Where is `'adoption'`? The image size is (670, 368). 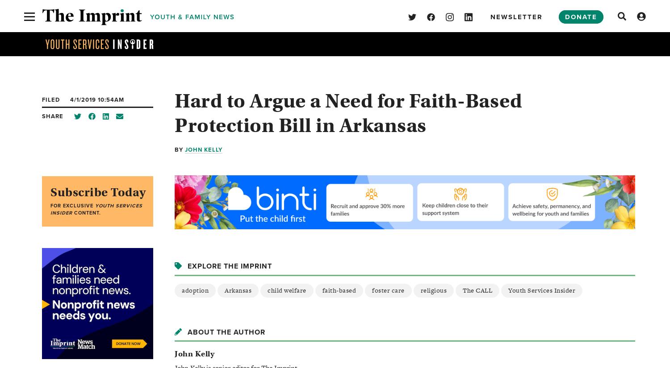
'adoption' is located at coordinates (181, 290).